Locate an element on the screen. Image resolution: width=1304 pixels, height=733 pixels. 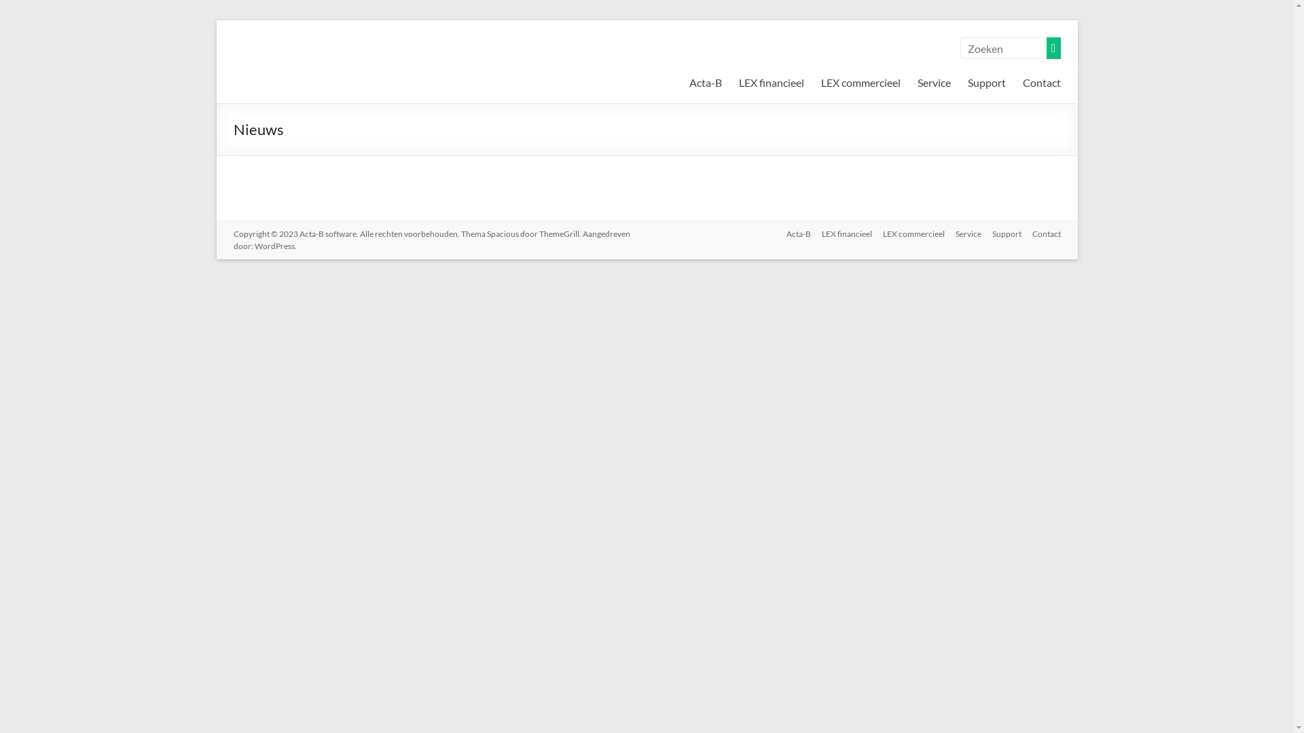
'Spacious' is located at coordinates (501, 233).